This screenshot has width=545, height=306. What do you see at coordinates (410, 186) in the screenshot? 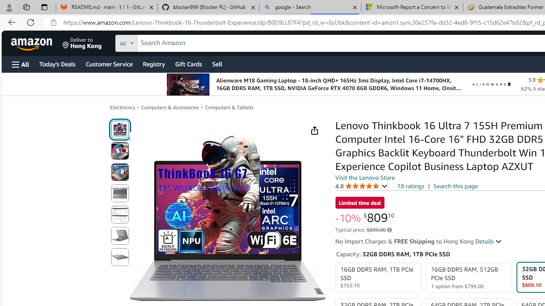
I see `'18 ratings'` at bounding box center [410, 186].